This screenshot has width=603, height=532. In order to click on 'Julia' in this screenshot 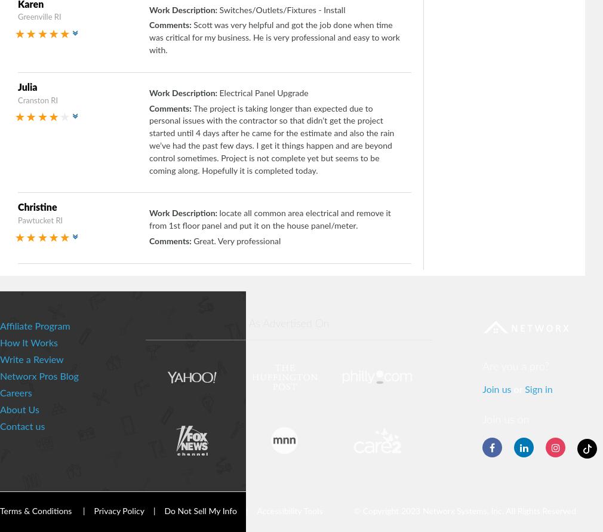, I will do `click(26, 87)`.